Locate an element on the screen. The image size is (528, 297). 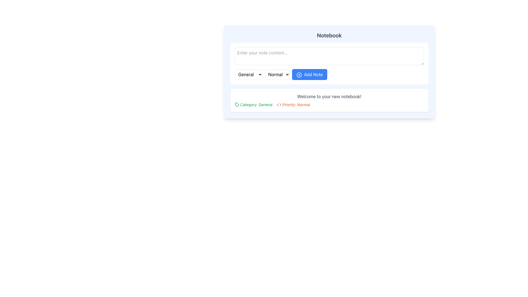
the icon within the 'Add Note' button, which indicates the addition functionality and is positioned to the left of the button's label is located at coordinates (299, 75).